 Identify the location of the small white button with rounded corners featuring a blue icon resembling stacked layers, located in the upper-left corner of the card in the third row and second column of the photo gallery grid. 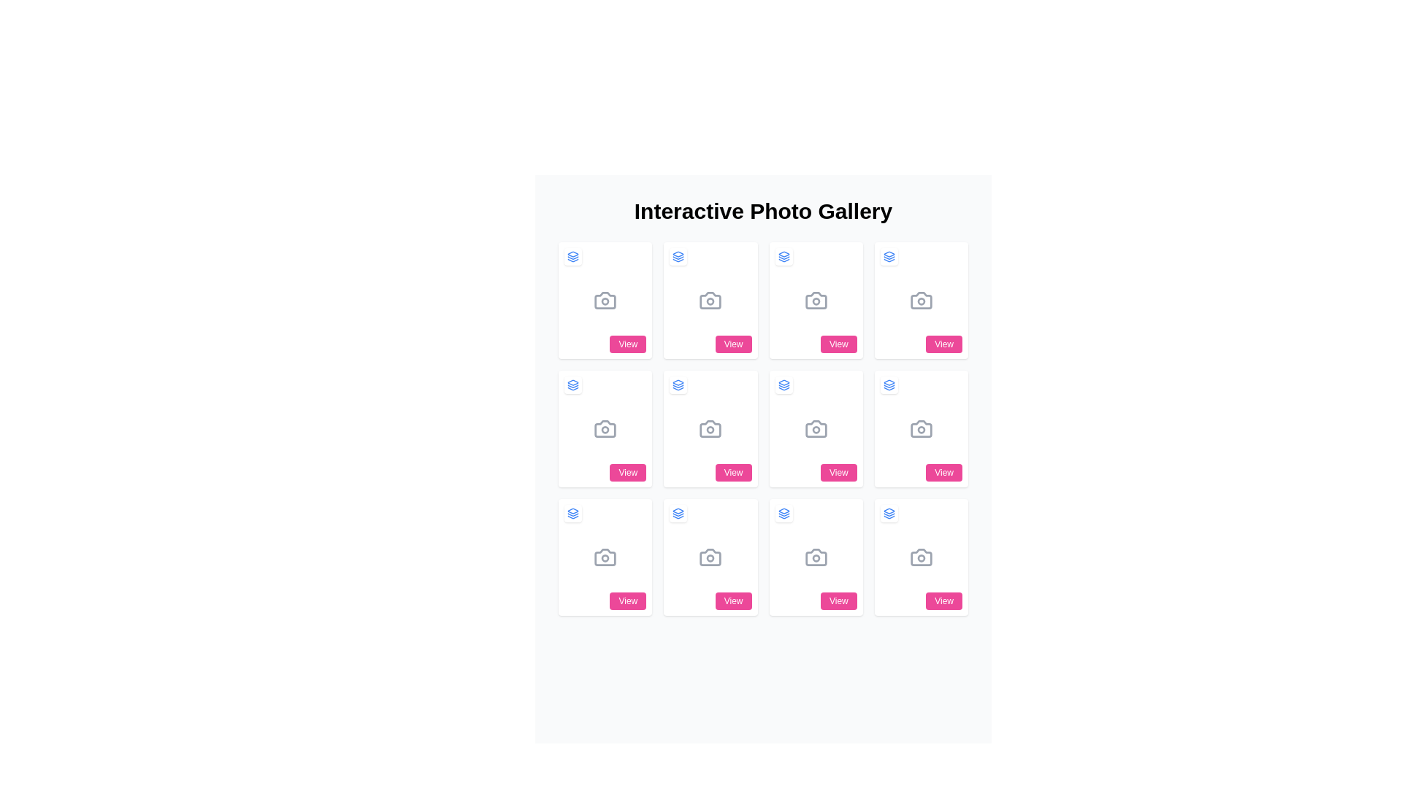
(678, 385).